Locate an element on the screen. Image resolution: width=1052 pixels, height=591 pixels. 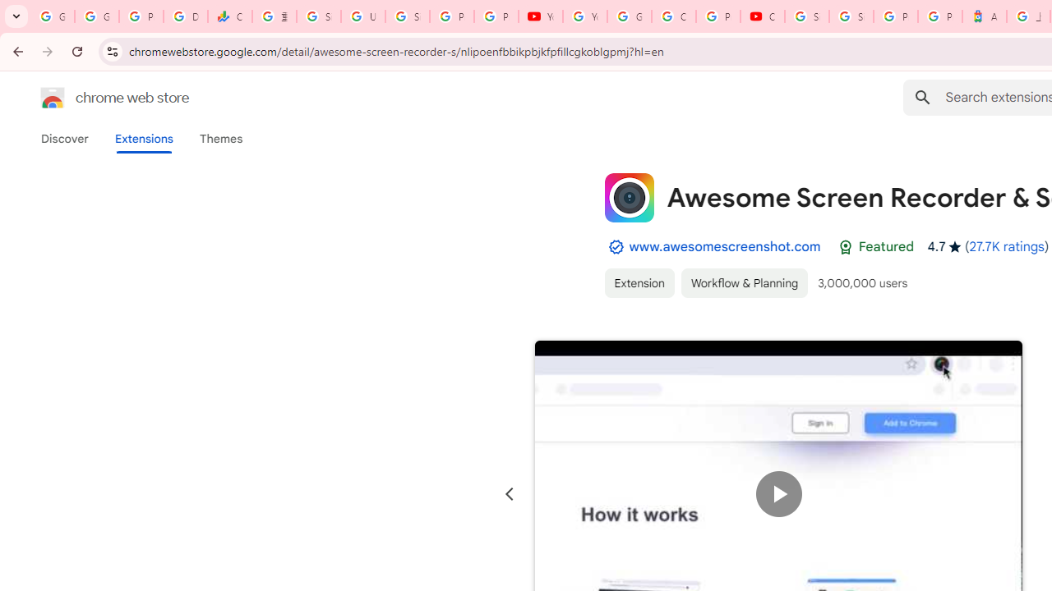
'Content Creator Programs & Opportunities - YouTube Creators' is located at coordinates (762, 16).